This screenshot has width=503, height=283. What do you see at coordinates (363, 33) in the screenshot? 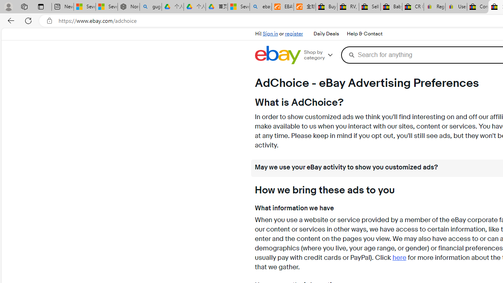
I see `'Help & Contact'` at bounding box center [363, 33].